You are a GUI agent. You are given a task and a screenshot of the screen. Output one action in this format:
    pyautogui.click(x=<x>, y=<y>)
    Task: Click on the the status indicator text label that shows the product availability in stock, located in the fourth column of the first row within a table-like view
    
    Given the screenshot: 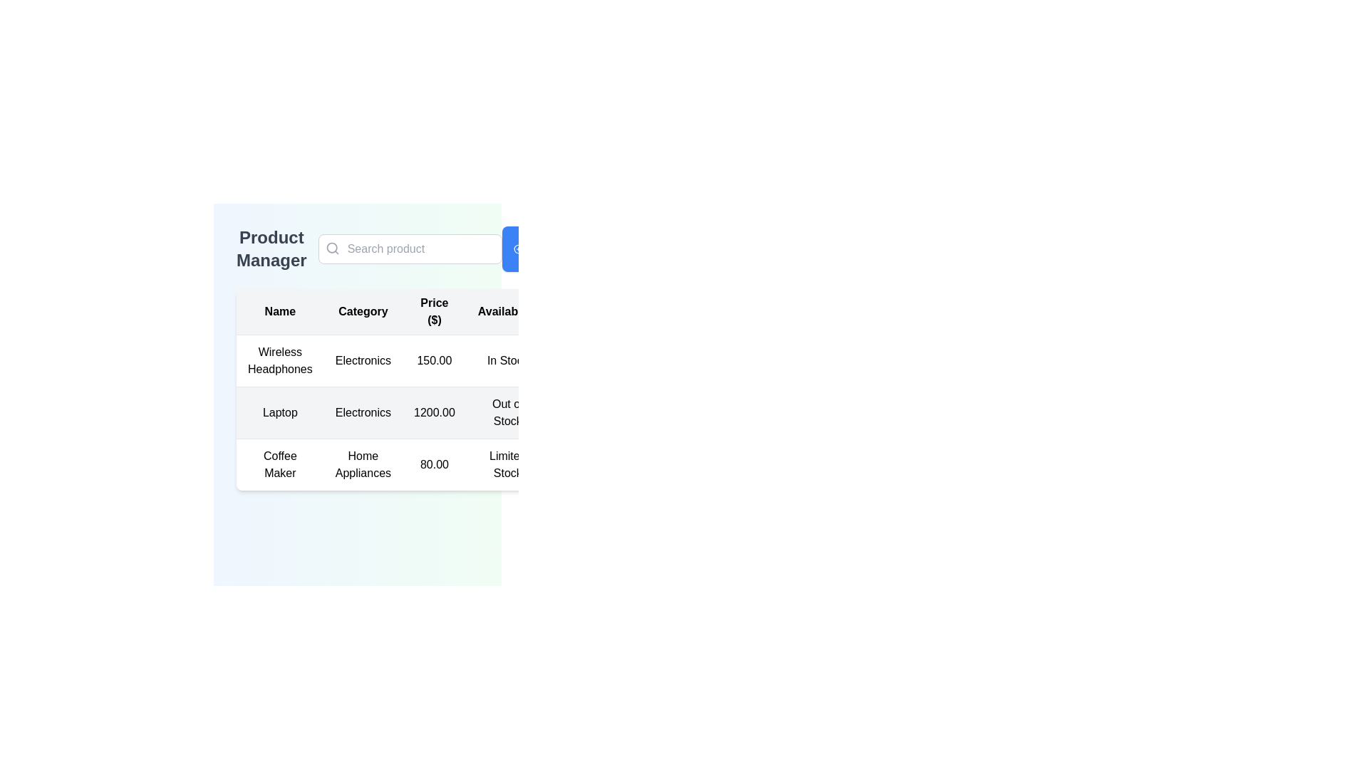 What is the action you would take?
    pyautogui.click(x=507, y=360)
    